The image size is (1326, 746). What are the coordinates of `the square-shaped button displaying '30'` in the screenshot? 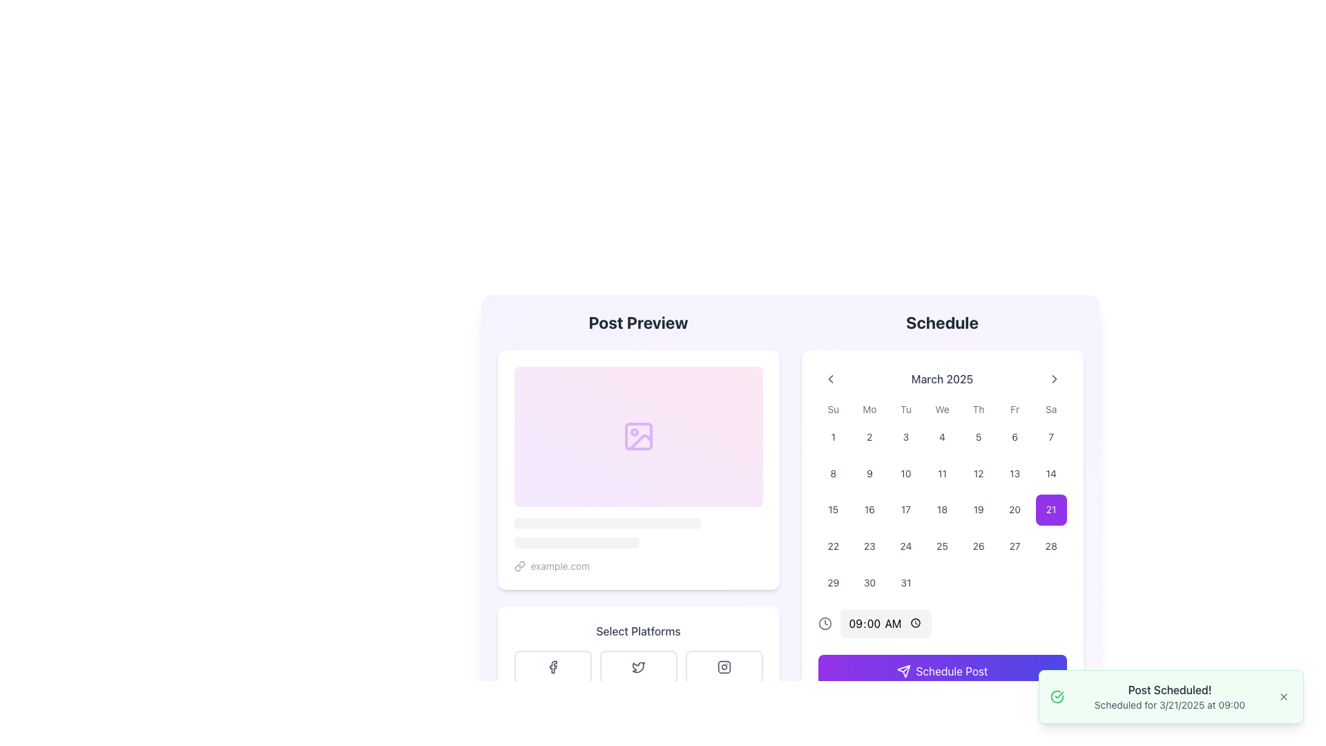 It's located at (868, 582).